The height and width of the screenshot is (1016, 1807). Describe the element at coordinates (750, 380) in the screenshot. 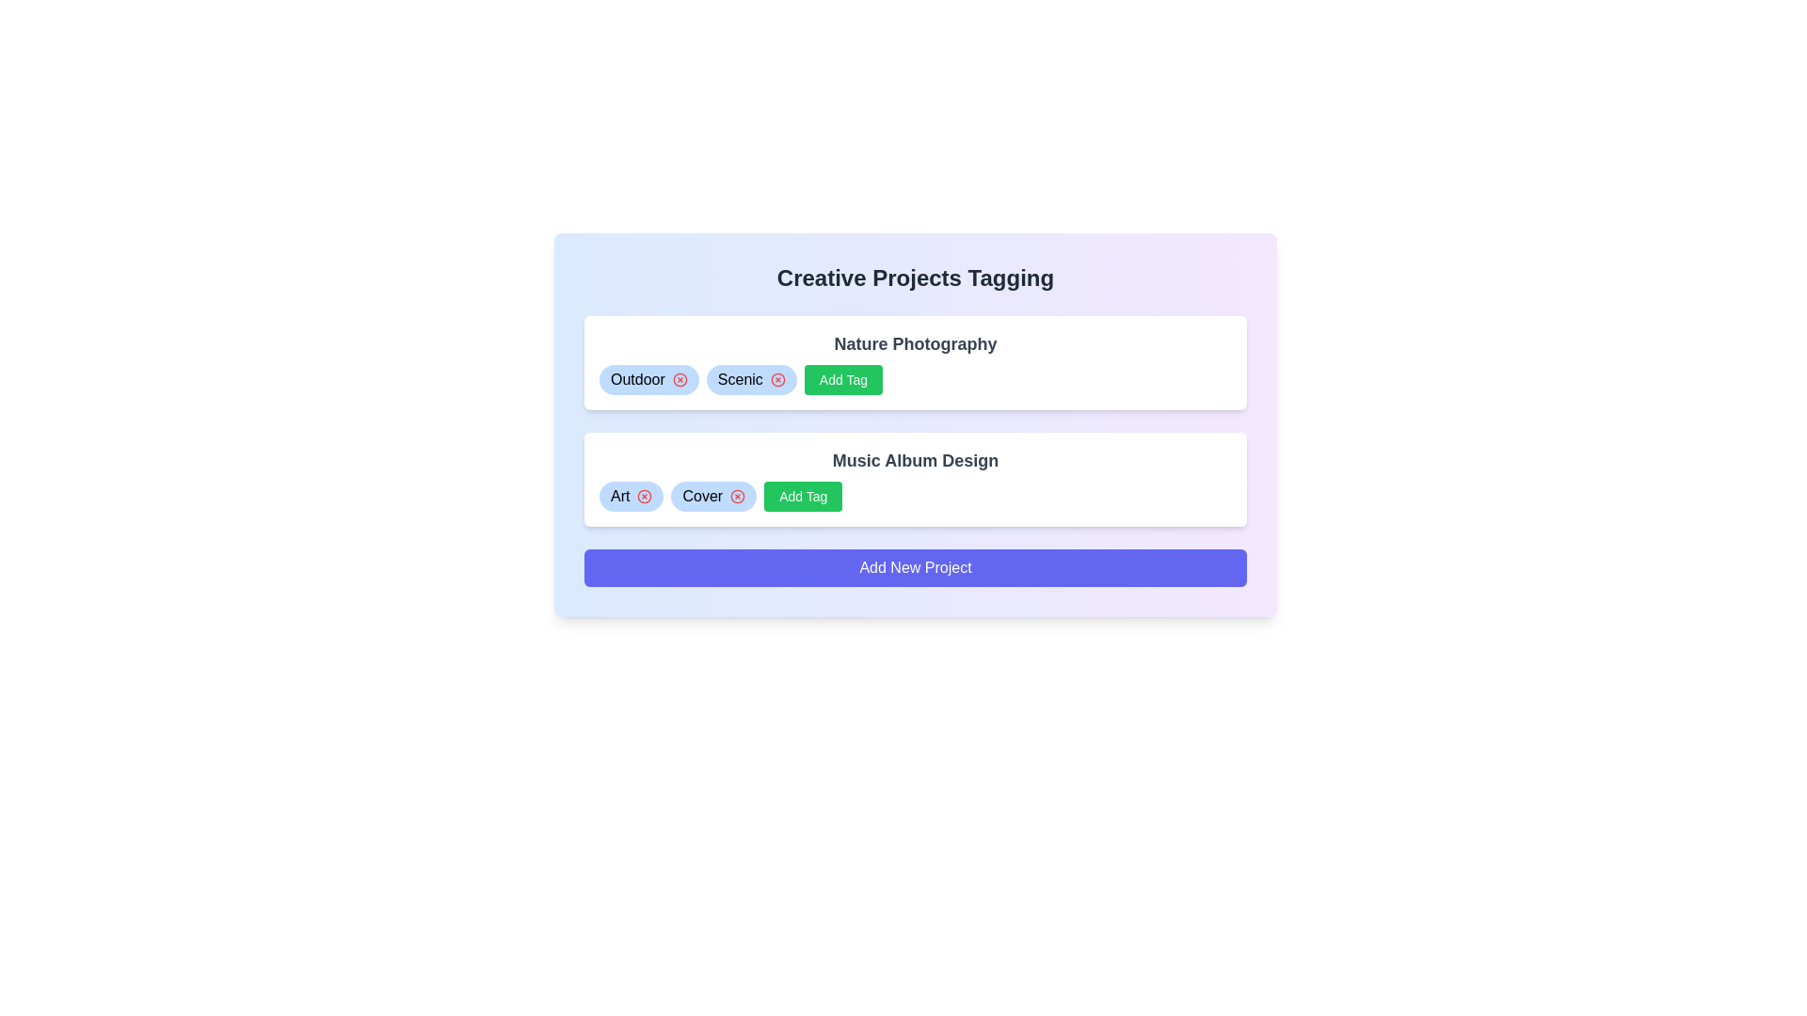

I see `the 'Scenic' tag element located in the first group of tags under the 'Nature Photography' section, which is the second tag to the right of 'Outdoor'` at that location.